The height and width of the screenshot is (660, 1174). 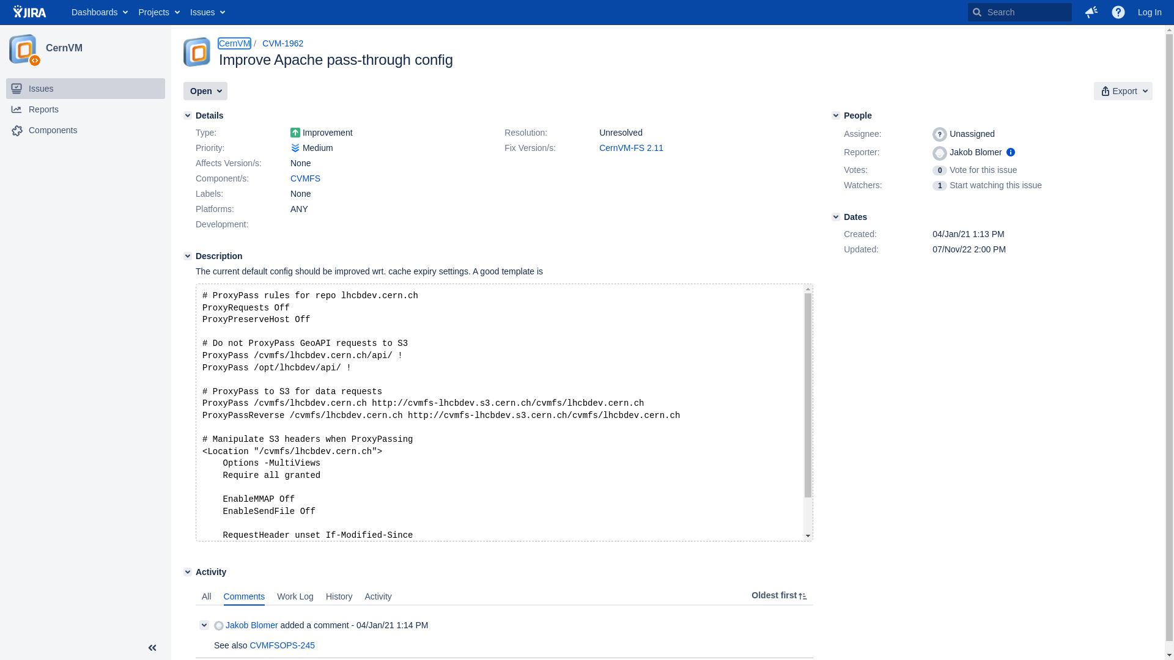 What do you see at coordinates (1149, 12) in the screenshot?
I see `'Log In'` at bounding box center [1149, 12].